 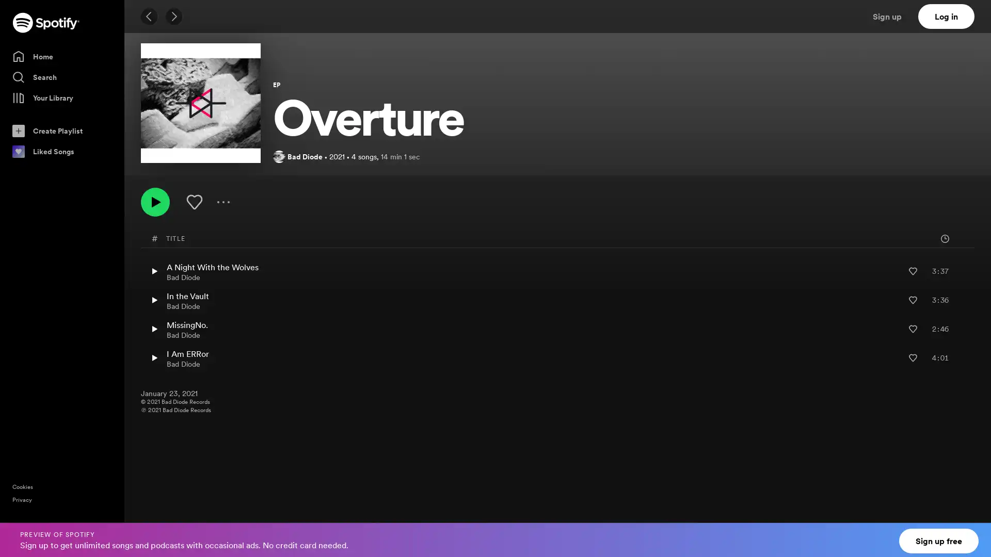 I want to click on Play I Am ERRor by Bad Diode, so click(x=153, y=357).